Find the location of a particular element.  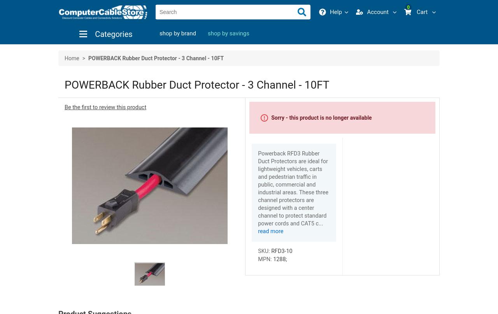

'>' is located at coordinates (84, 58).